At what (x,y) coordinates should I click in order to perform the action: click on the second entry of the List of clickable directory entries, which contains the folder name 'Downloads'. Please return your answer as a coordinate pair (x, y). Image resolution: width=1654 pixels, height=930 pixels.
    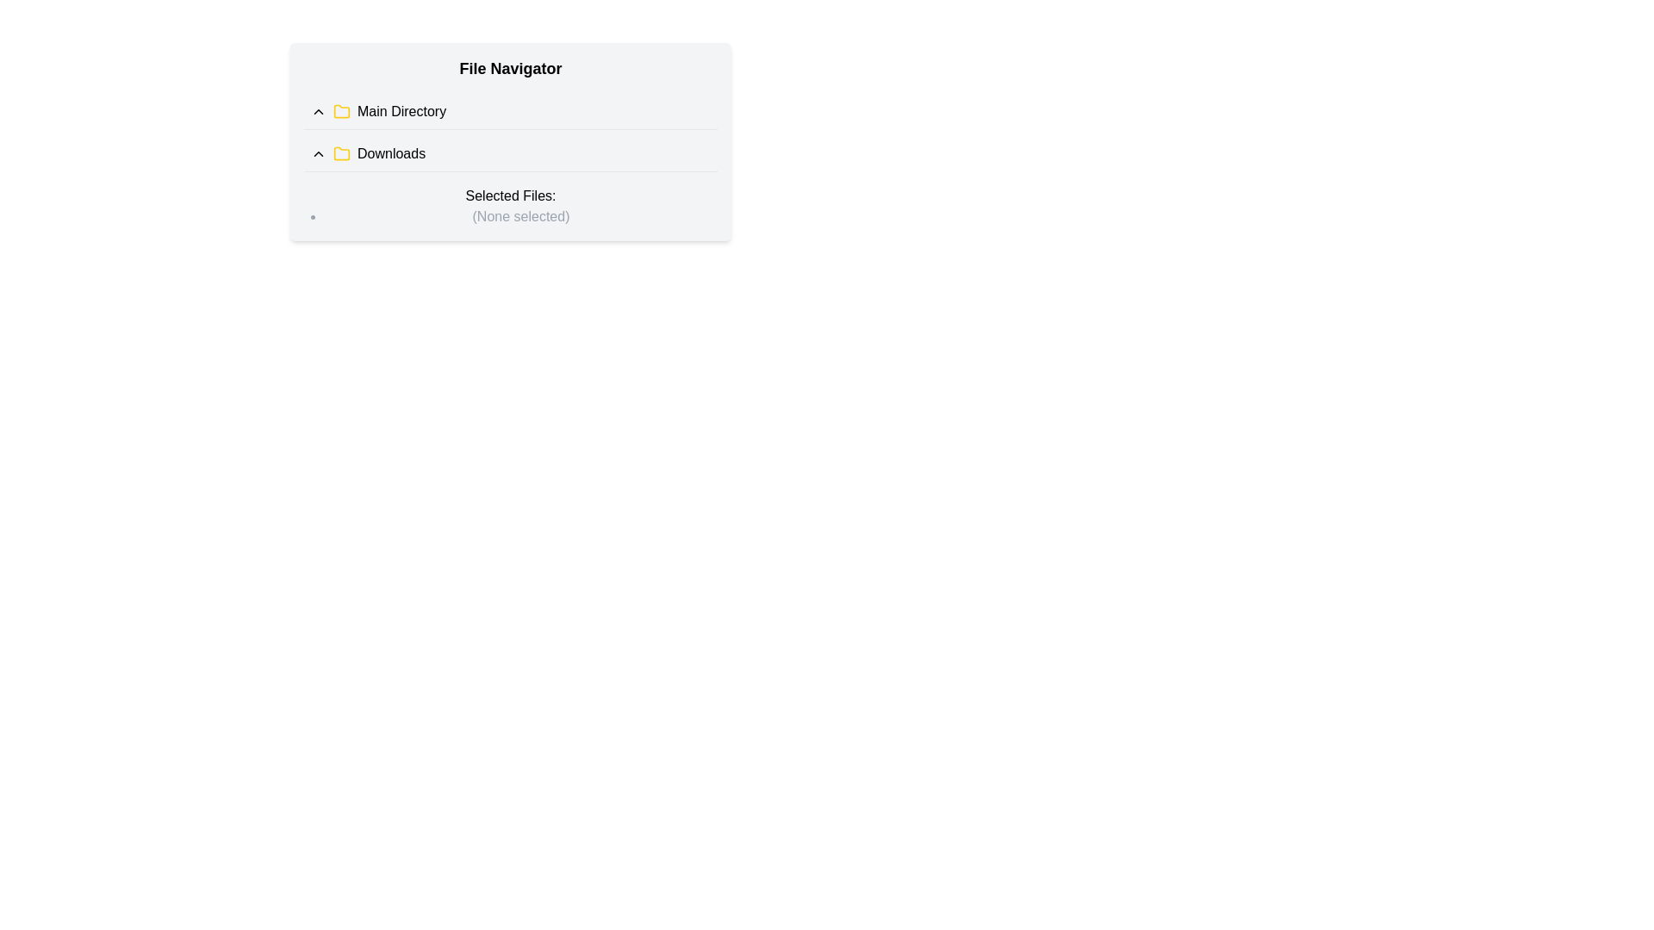
    Looking at the image, I should click on (510, 132).